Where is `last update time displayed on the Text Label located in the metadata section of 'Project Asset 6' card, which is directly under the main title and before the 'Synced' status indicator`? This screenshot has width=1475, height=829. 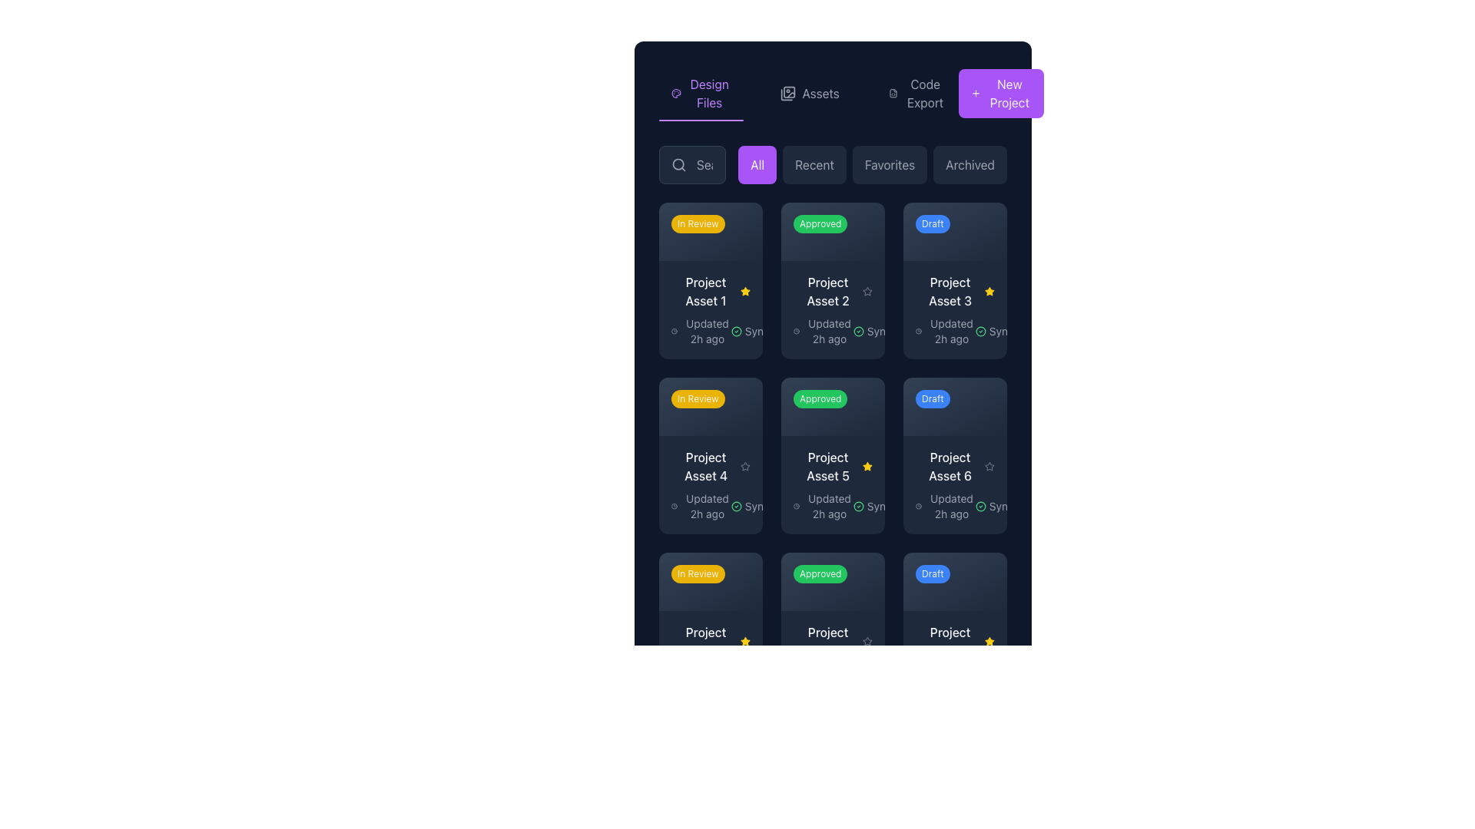
last update time displayed on the Text Label located in the metadata section of 'Project Asset 6' card, which is directly under the main title and before the 'Synced' status indicator is located at coordinates (944, 506).